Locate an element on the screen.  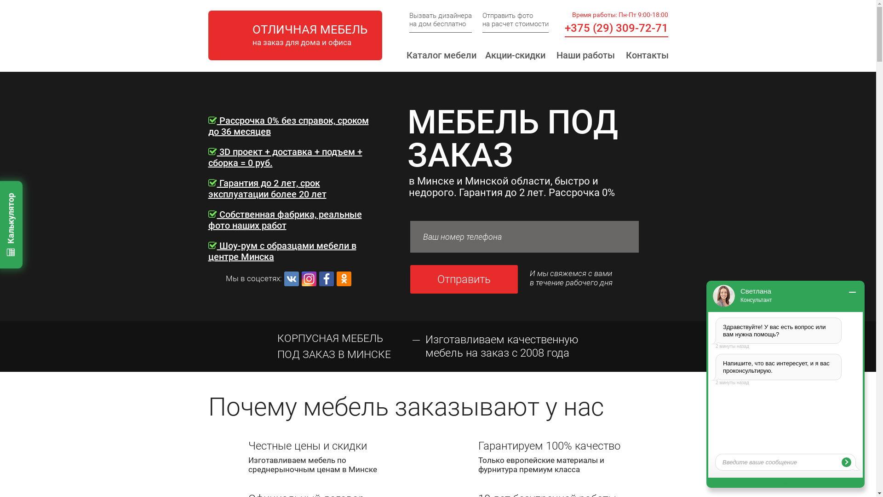
'+375 (29) 309-72-71' is located at coordinates (616, 28).